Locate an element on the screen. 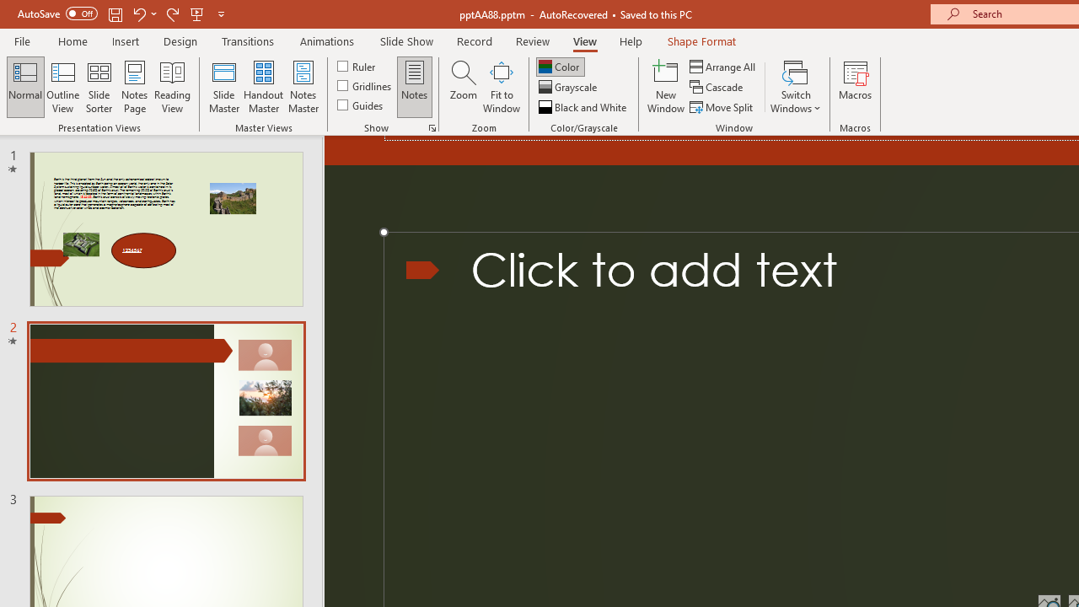  'Guides' is located at coordinates (360, 105).